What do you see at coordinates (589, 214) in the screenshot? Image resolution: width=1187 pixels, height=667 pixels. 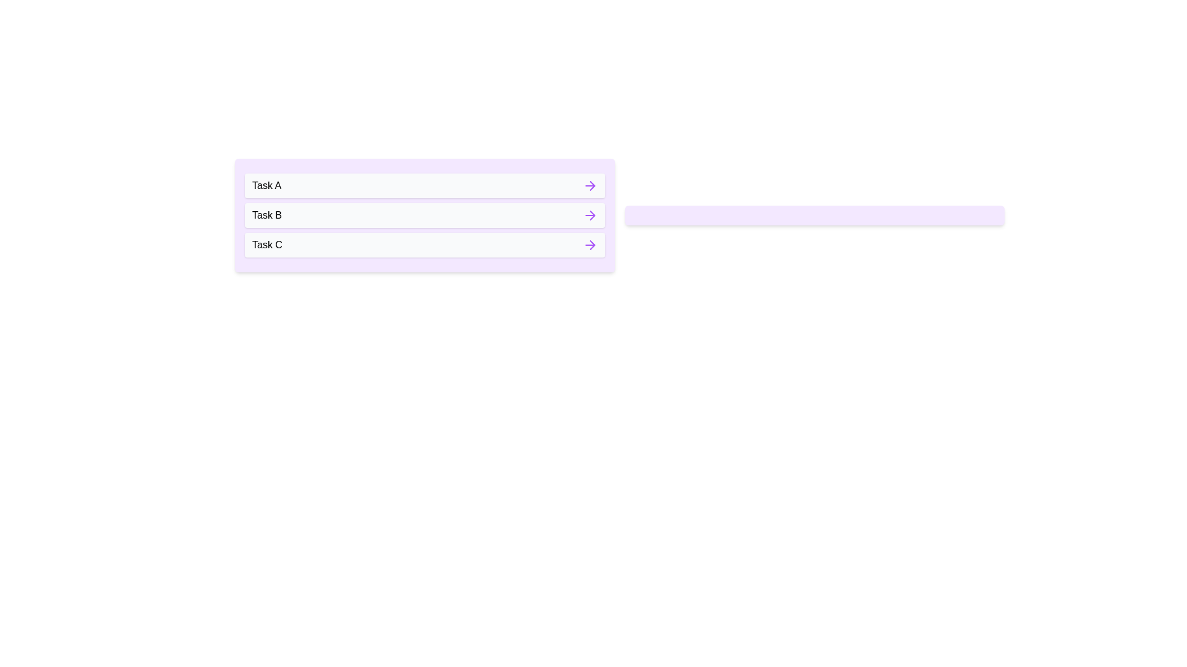 I see `arrow button next to the task labeled 'Task B' to transfer it to the scheduled list` at bounding box center [589, 214].